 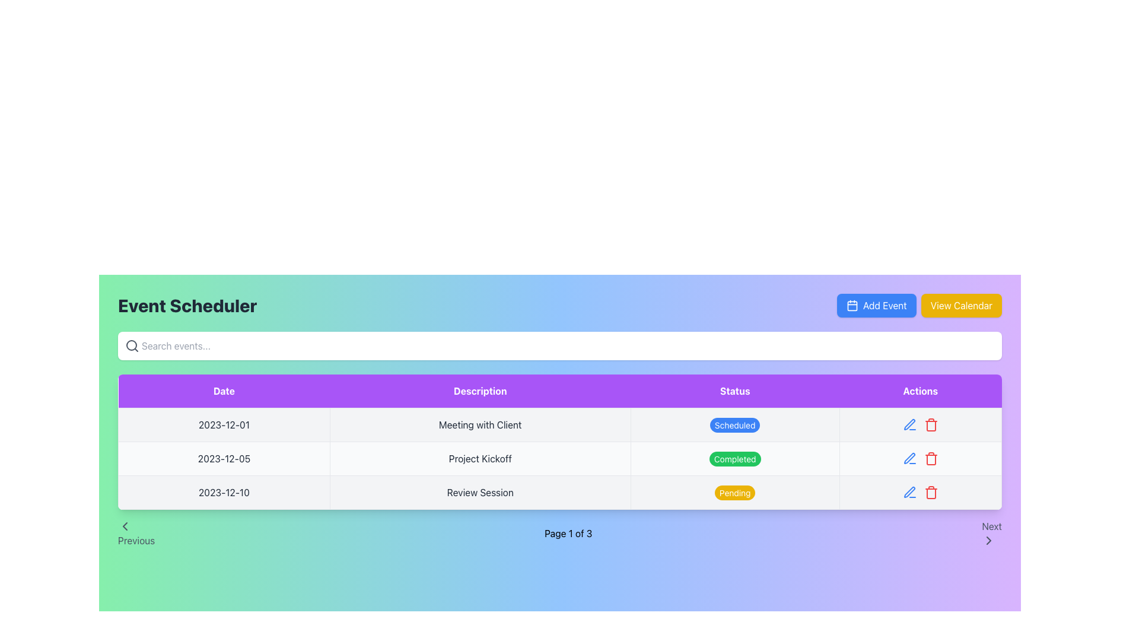 I want to click on the first event row in the table displaying details about an event, which includes the date '2023-12-01', the event title 'Meeting with Client', and a 'Scheduled' badge with a blue background, so click(x=559, y=424).